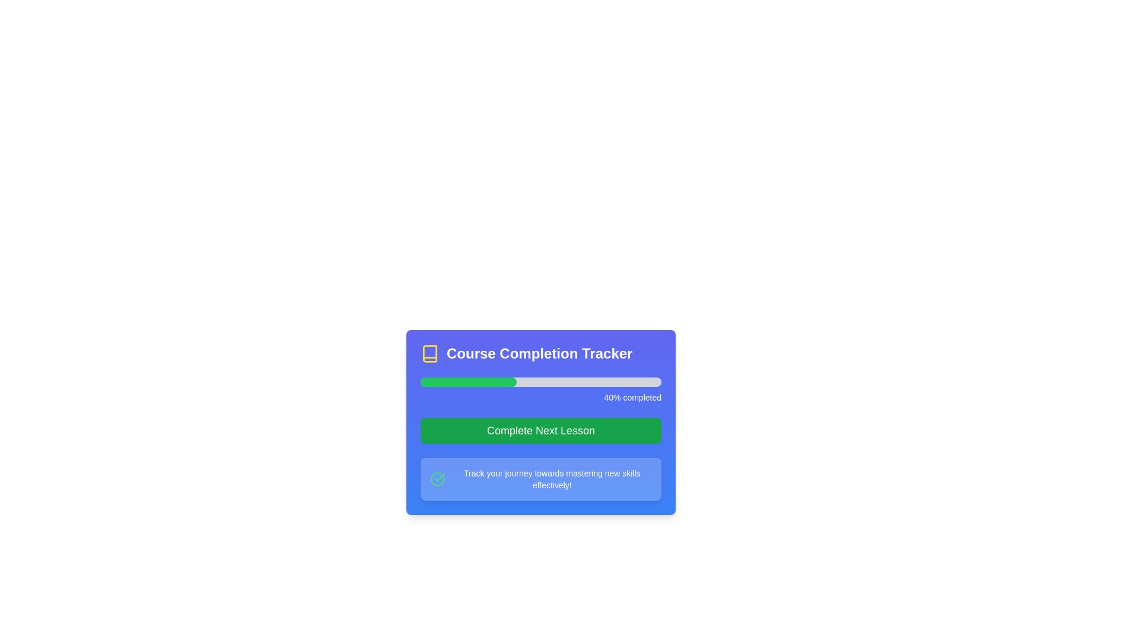 This screenshot has height=640, width=1139. Describe the element at coordinates (540, 422) in the screenshot. I see `the Progress Tracker Widget to examine details about course completion and actionable steps` at that location.